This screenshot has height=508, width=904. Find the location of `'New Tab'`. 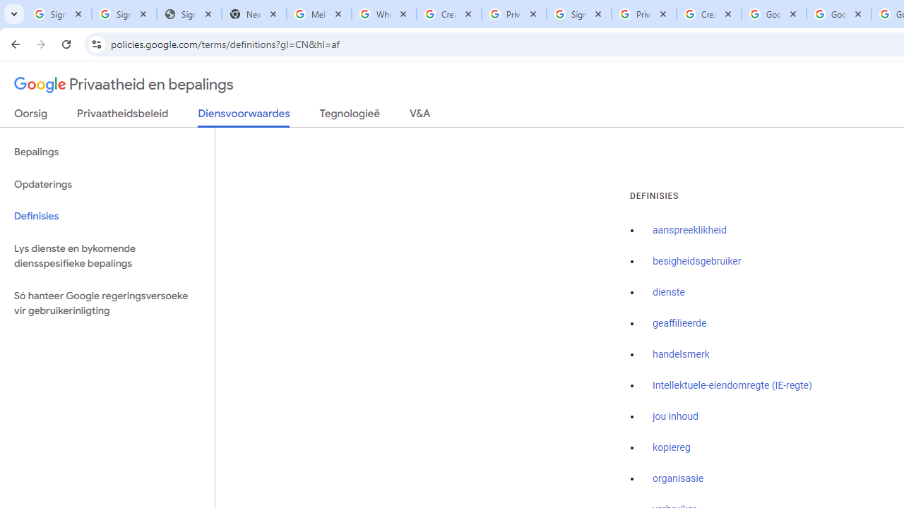

'New Tab' is located at coordinates (254, 14).